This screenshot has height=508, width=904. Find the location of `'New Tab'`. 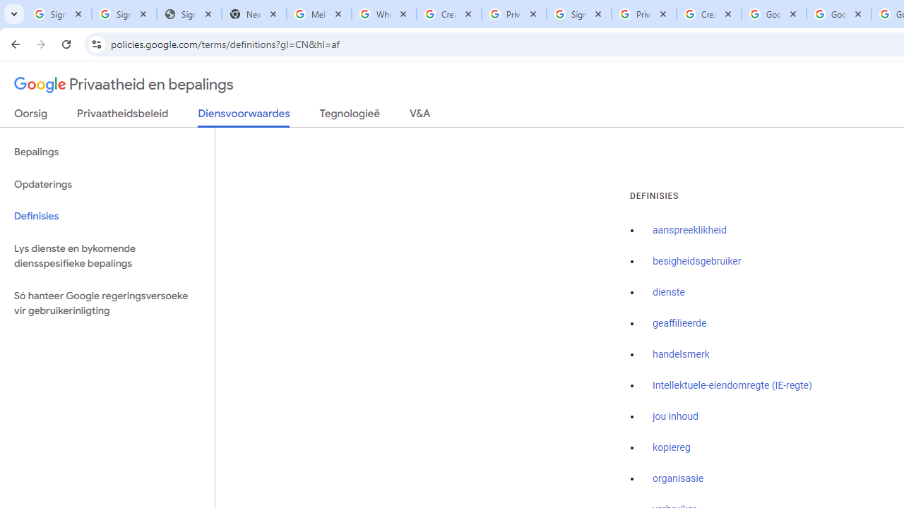

'New Tab' is located at coordinates (254, 14).